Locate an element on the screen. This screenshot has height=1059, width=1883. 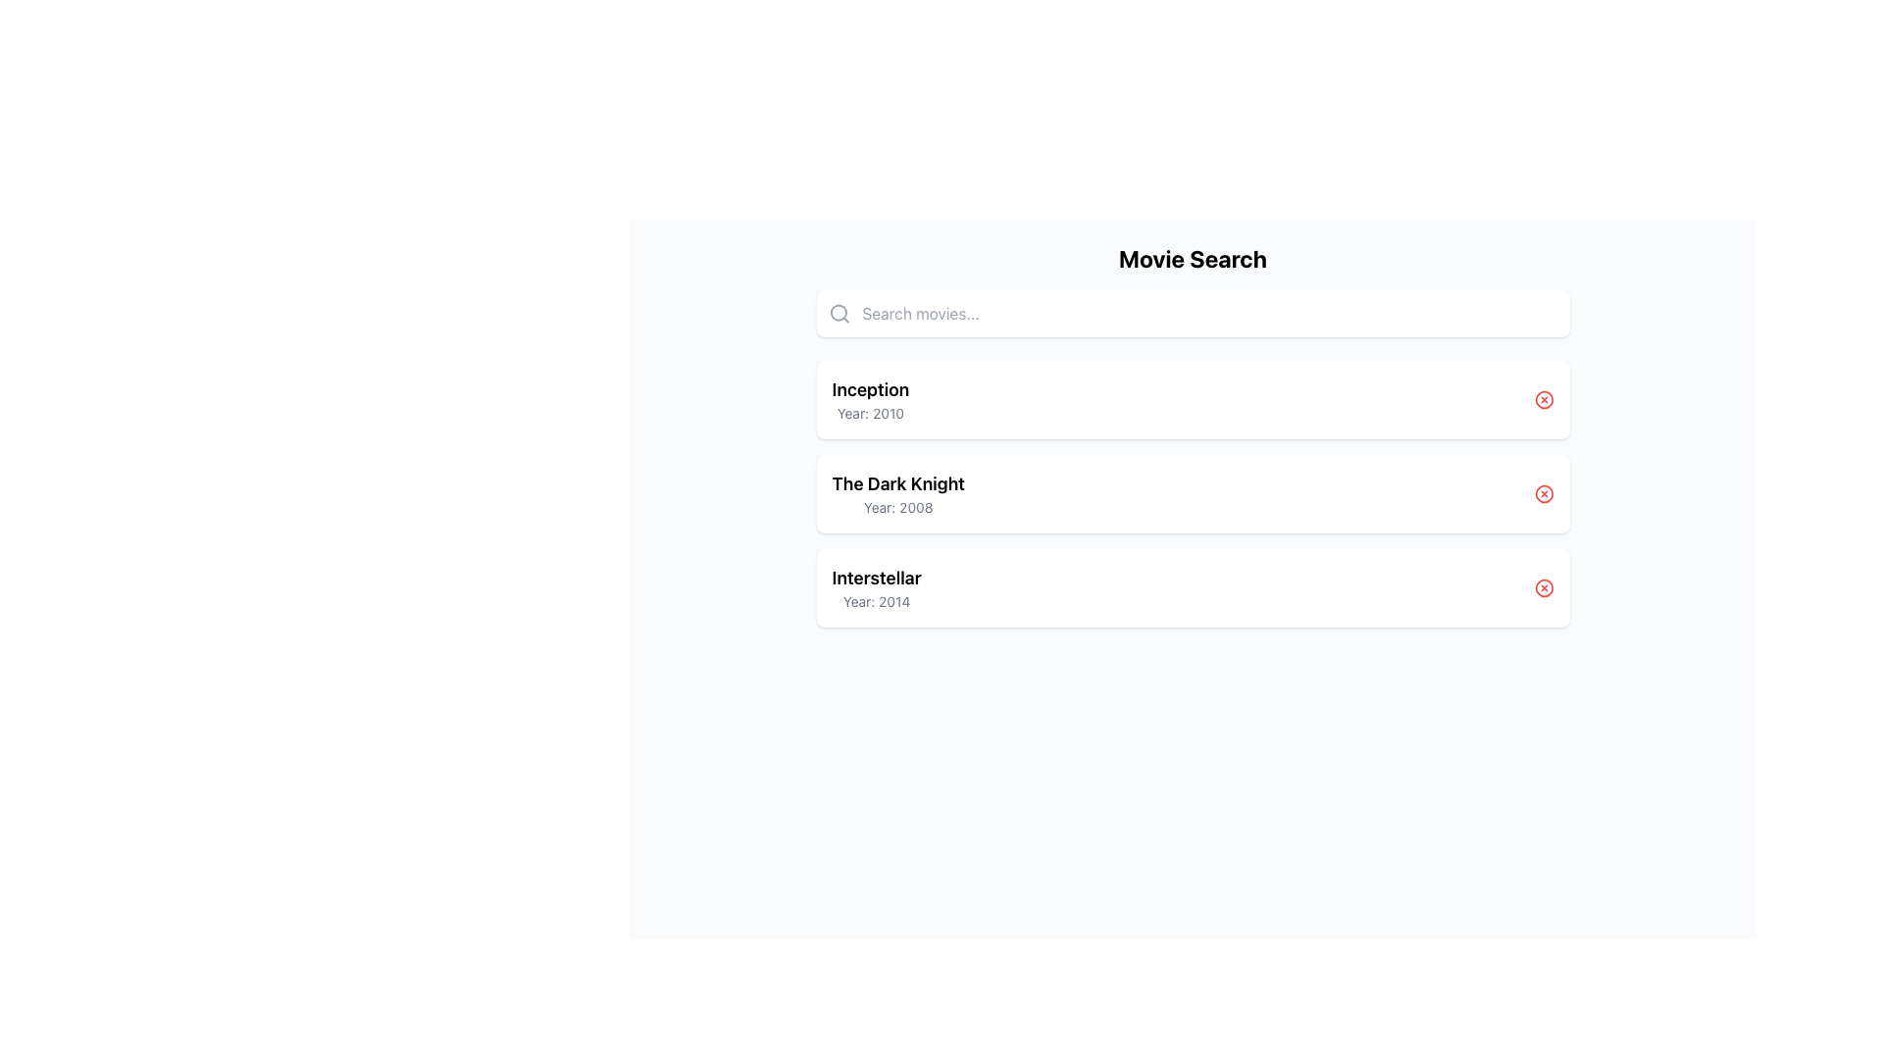
the text label displaying the release year of the movie 'Inception', located directly beneath its title is located at coordinates (869, 412).